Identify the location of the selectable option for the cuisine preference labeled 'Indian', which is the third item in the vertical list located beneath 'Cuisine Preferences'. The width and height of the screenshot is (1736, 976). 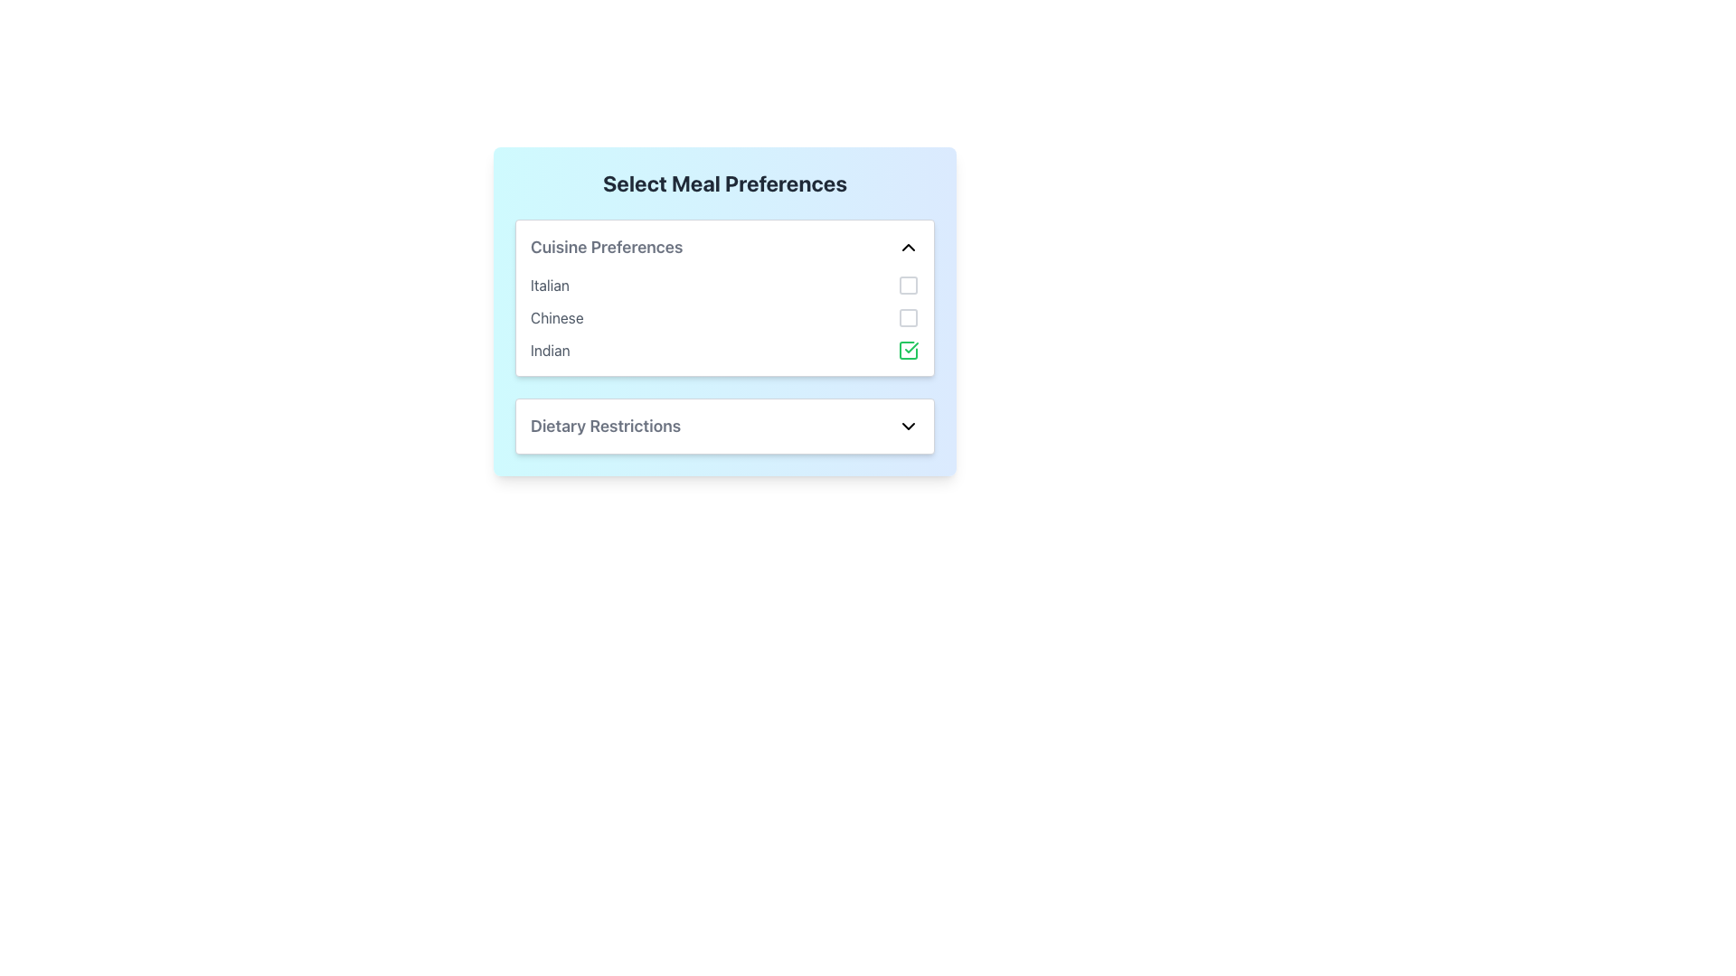
(549, 351).